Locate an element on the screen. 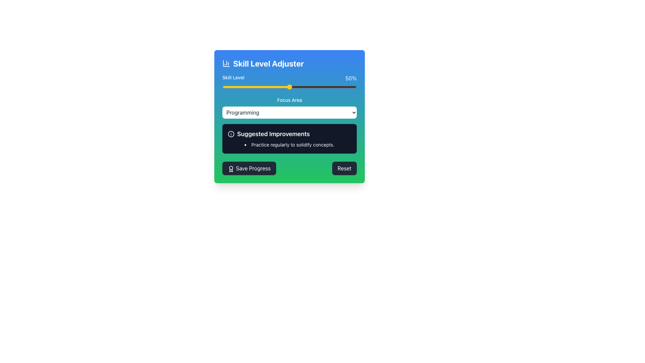  the slider is located at coordinates (301, 86).